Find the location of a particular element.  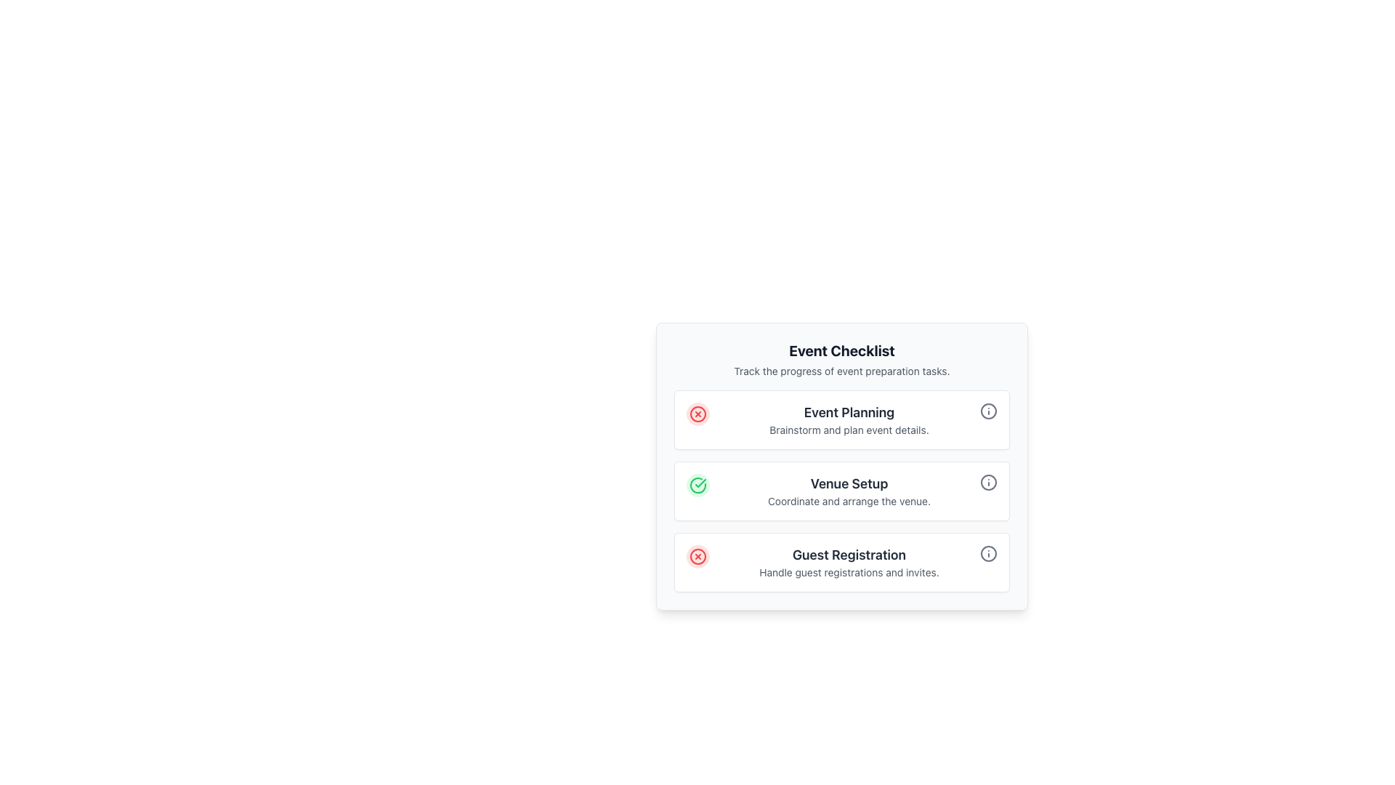

the rightmost icon in the 'Guest Registration' row of the 'Event Checklist' section, which indicates an error or unresolved task is located at coordinates (697, 556).